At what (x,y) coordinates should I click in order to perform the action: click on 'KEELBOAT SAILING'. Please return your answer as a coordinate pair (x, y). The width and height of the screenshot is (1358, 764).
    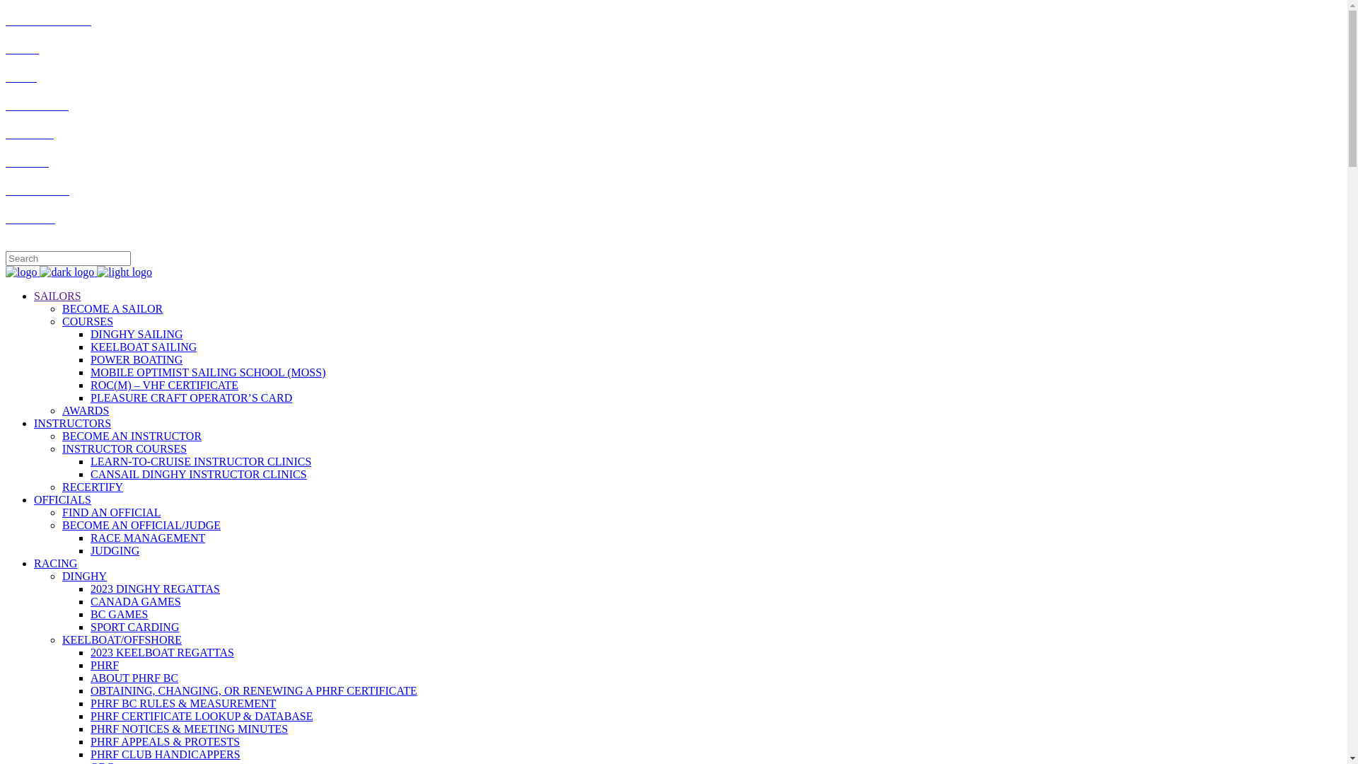
    Looking at the image, I should click on (143, 347).